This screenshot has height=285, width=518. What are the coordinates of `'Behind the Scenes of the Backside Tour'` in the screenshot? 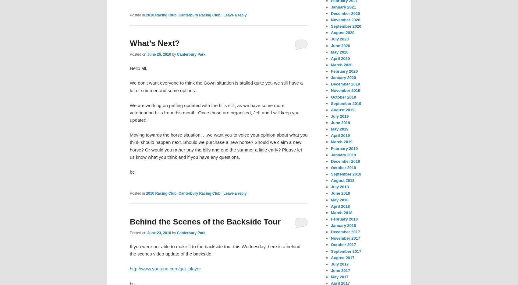 It's located at (130, 221).